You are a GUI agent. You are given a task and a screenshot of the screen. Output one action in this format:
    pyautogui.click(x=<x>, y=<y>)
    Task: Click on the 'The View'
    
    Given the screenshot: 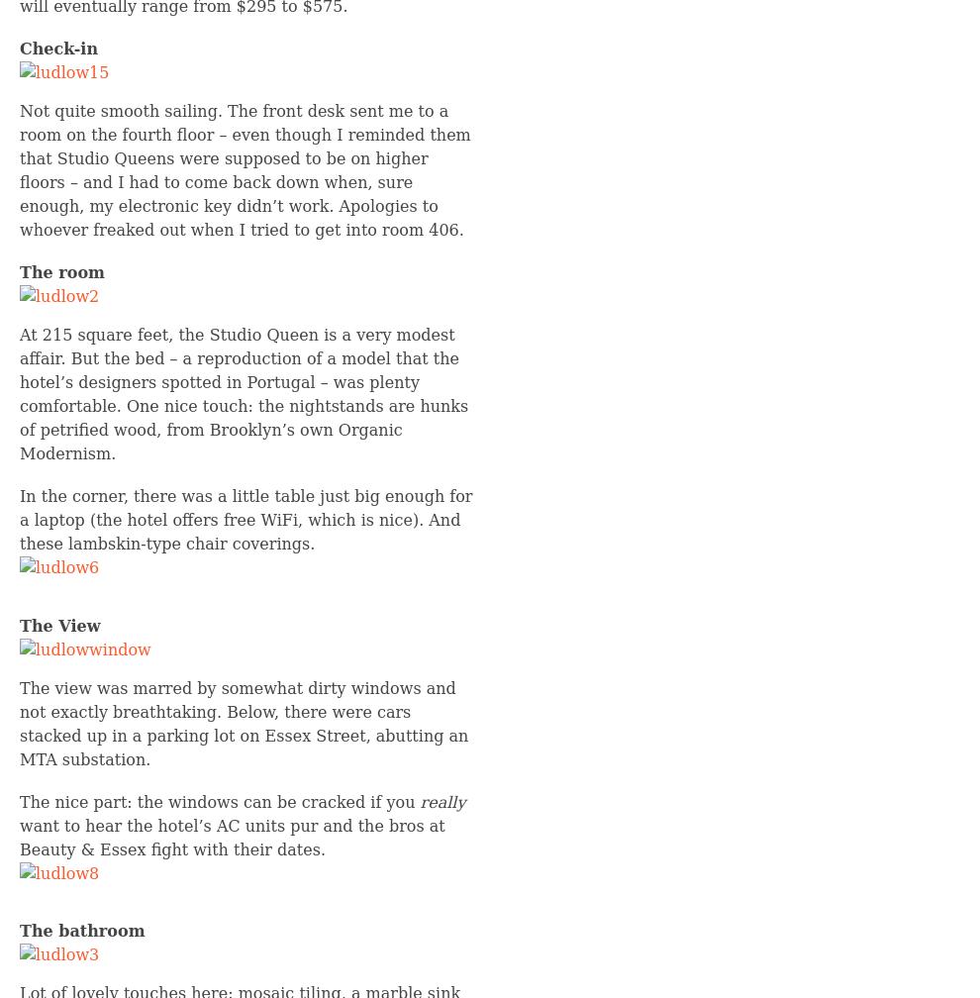 What is the action you would take?
    pyautogui.click(x=59, y=625)
    